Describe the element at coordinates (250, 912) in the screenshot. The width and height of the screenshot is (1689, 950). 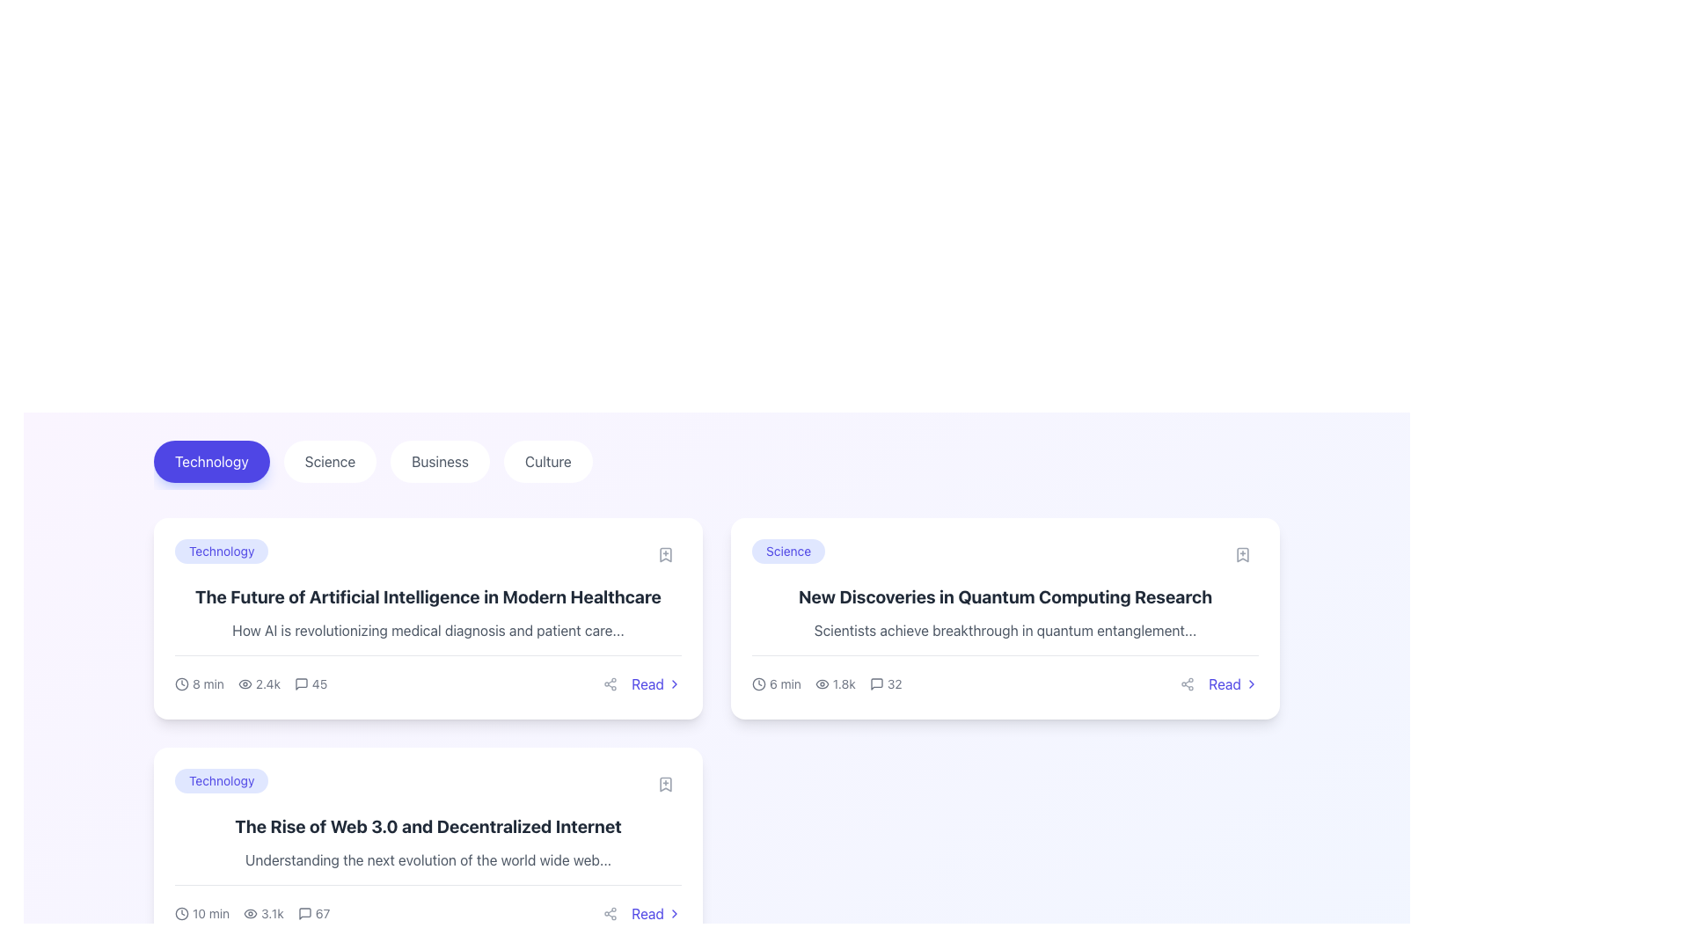
I see `the eye icon representing views, which is the leftmost element in the view count display next to '3.1k', located below the article titled 'The Rise of Web 3.0 and Decentralized Internet'` at that location.